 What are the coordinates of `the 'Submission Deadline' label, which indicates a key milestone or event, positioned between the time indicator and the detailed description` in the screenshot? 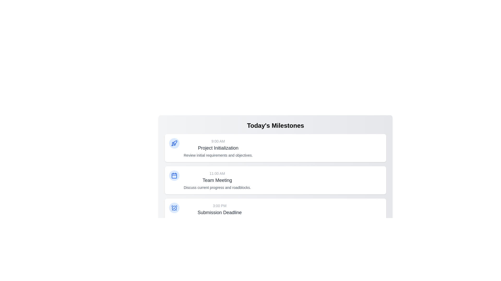 It's located at (219, 213).